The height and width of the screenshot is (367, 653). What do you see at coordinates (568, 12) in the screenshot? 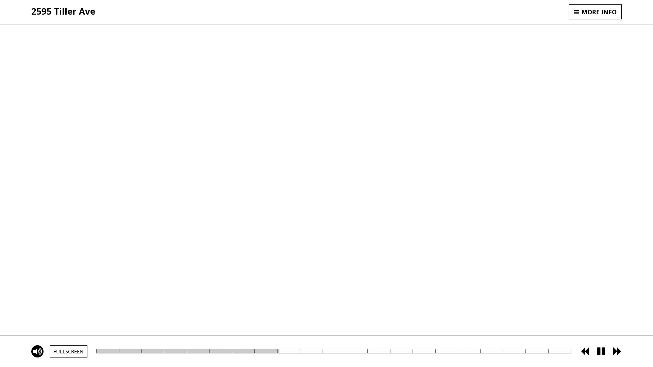
I see `'MORE INFO'` at bounding box center [568, 12].